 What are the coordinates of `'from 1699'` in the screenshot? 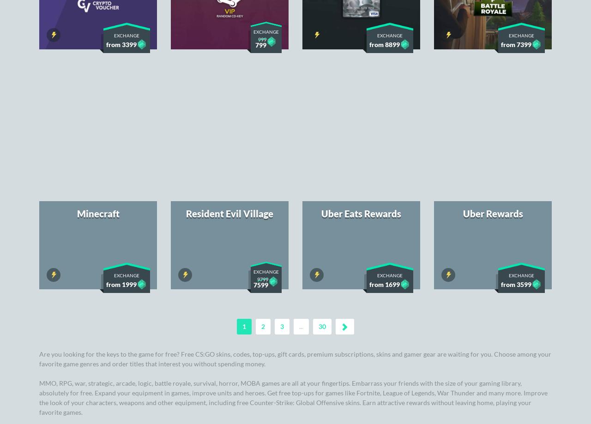 It's located at (385, 41).